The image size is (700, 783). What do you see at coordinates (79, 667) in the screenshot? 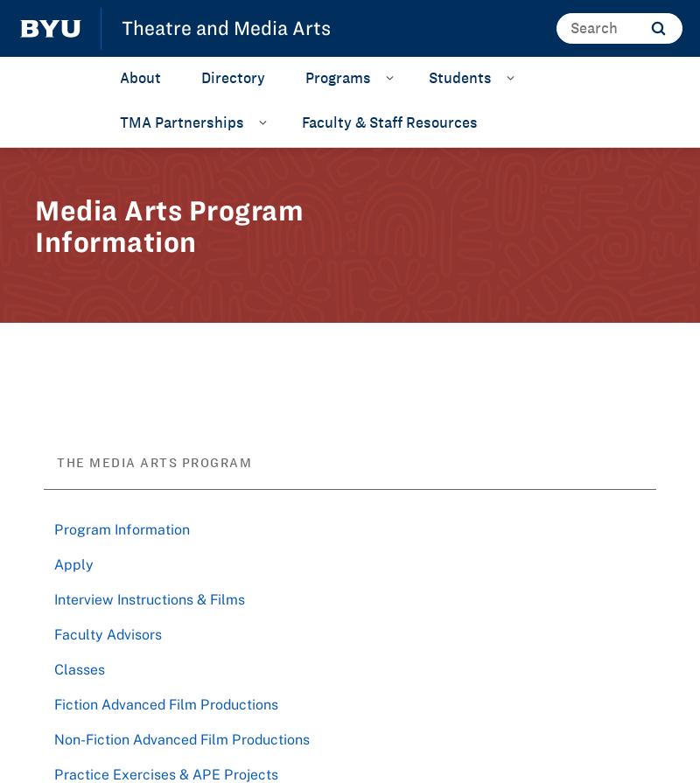
I see `'Classes'` at bounding box center [79, 667].